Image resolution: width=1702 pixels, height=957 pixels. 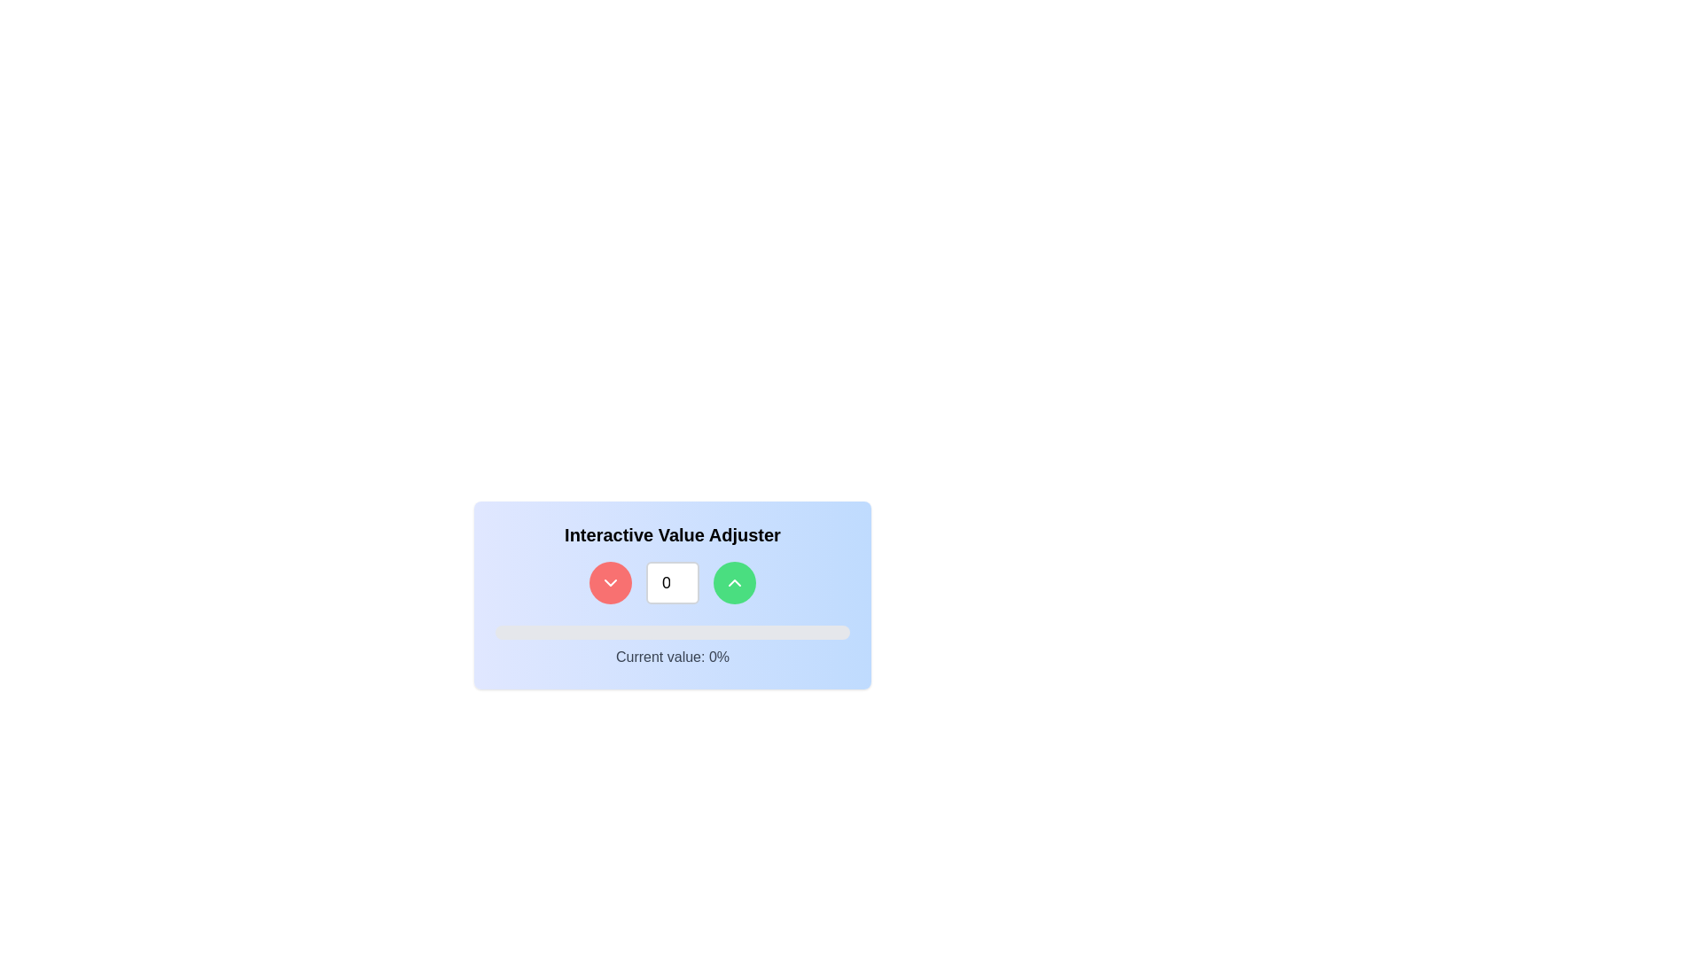 What do you see at coordinates (611, 583) in the screenshot?
I see `the red circular button containing the downward-pointing arrow icon` at bounding box center [611, 583].